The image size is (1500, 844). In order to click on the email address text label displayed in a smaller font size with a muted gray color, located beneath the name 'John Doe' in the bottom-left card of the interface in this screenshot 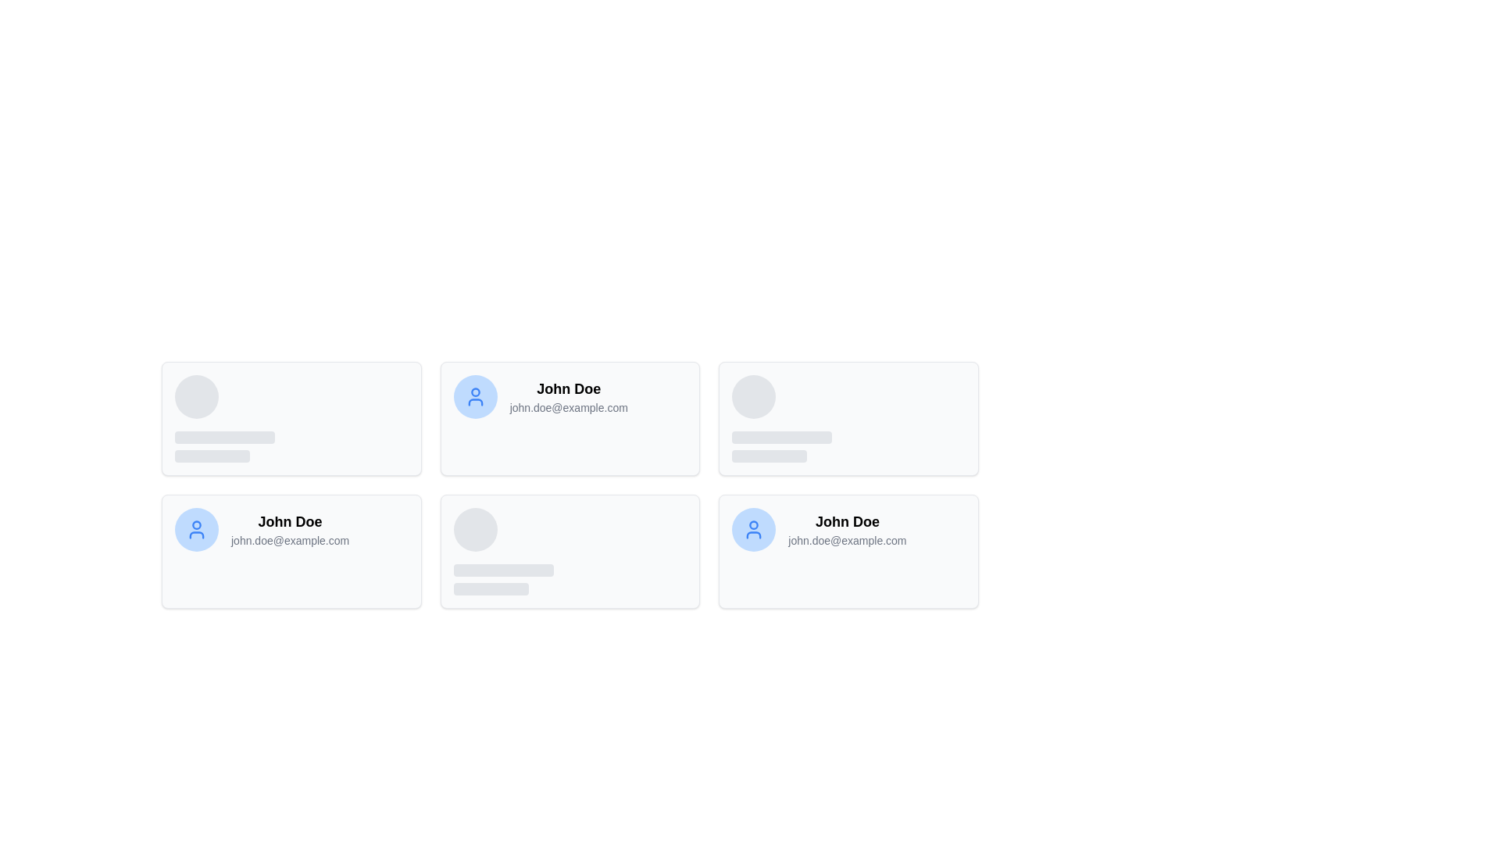, I will do `click(290, 539)`.